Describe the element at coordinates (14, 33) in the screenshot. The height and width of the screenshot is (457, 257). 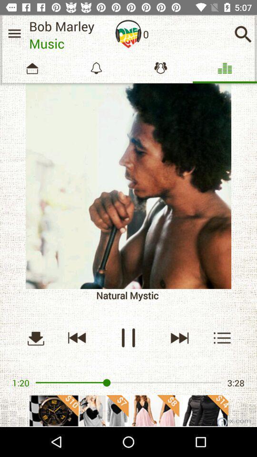
I see `music list` at that location.